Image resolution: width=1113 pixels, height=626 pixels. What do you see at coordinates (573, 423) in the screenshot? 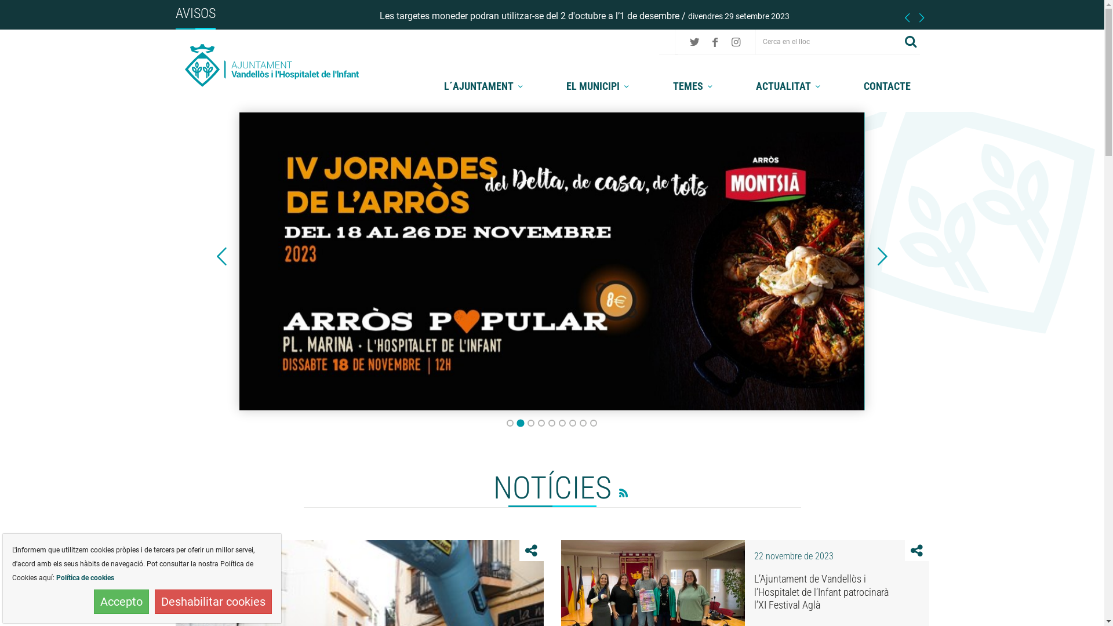
I see `'7'` at bounding box center [573, 423].